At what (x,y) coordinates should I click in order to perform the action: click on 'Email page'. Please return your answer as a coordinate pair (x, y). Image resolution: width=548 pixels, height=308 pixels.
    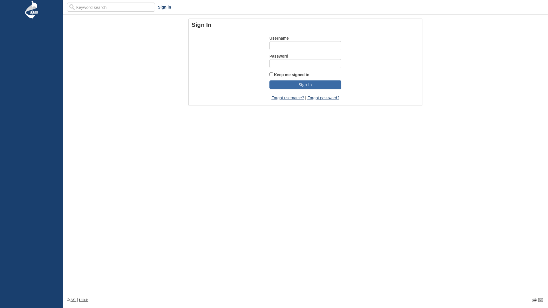
    Looking at the image, I should click on (540, 300).